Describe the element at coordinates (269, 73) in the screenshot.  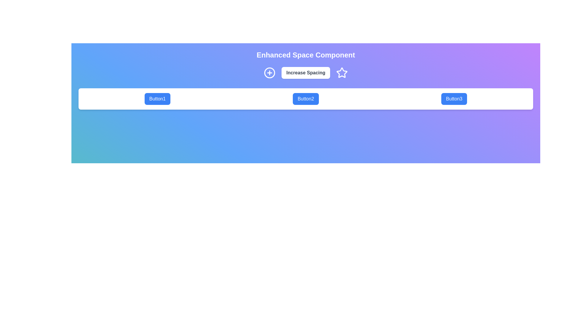
I see `the circular '+' icon button with a white outline` at that location.